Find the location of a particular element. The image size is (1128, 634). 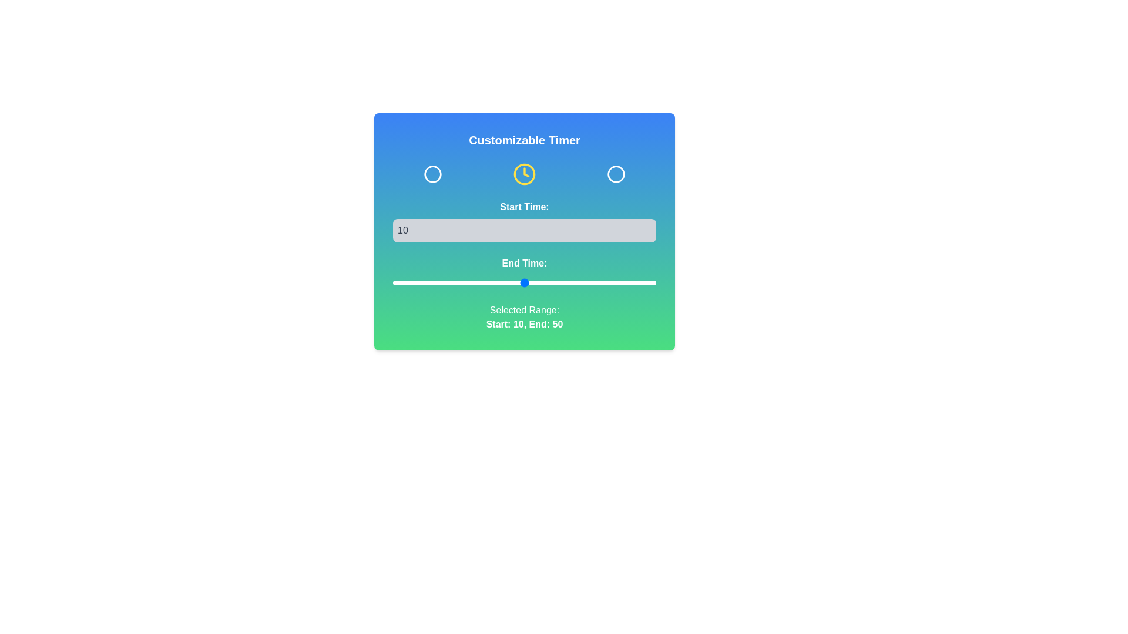

the third icon from the right in the customizable timer section, which serves as a selection or state indicator is located at coordinates (616, 174).